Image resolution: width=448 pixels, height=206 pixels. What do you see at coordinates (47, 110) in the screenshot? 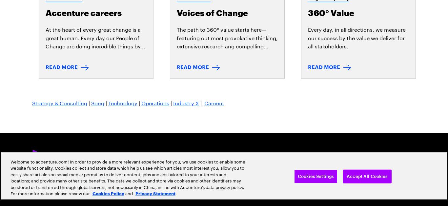
I see `'Privacy Statement'` at bounding box center [47, 110].